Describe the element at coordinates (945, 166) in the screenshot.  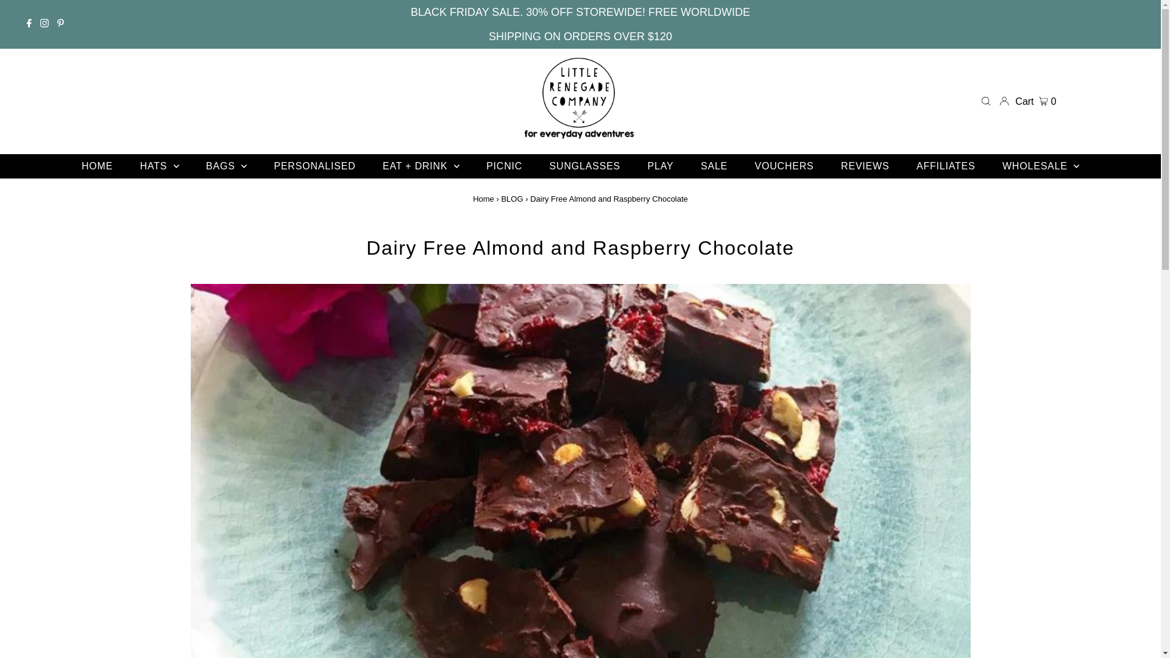
I see `'AFFILIATES'` at that location.